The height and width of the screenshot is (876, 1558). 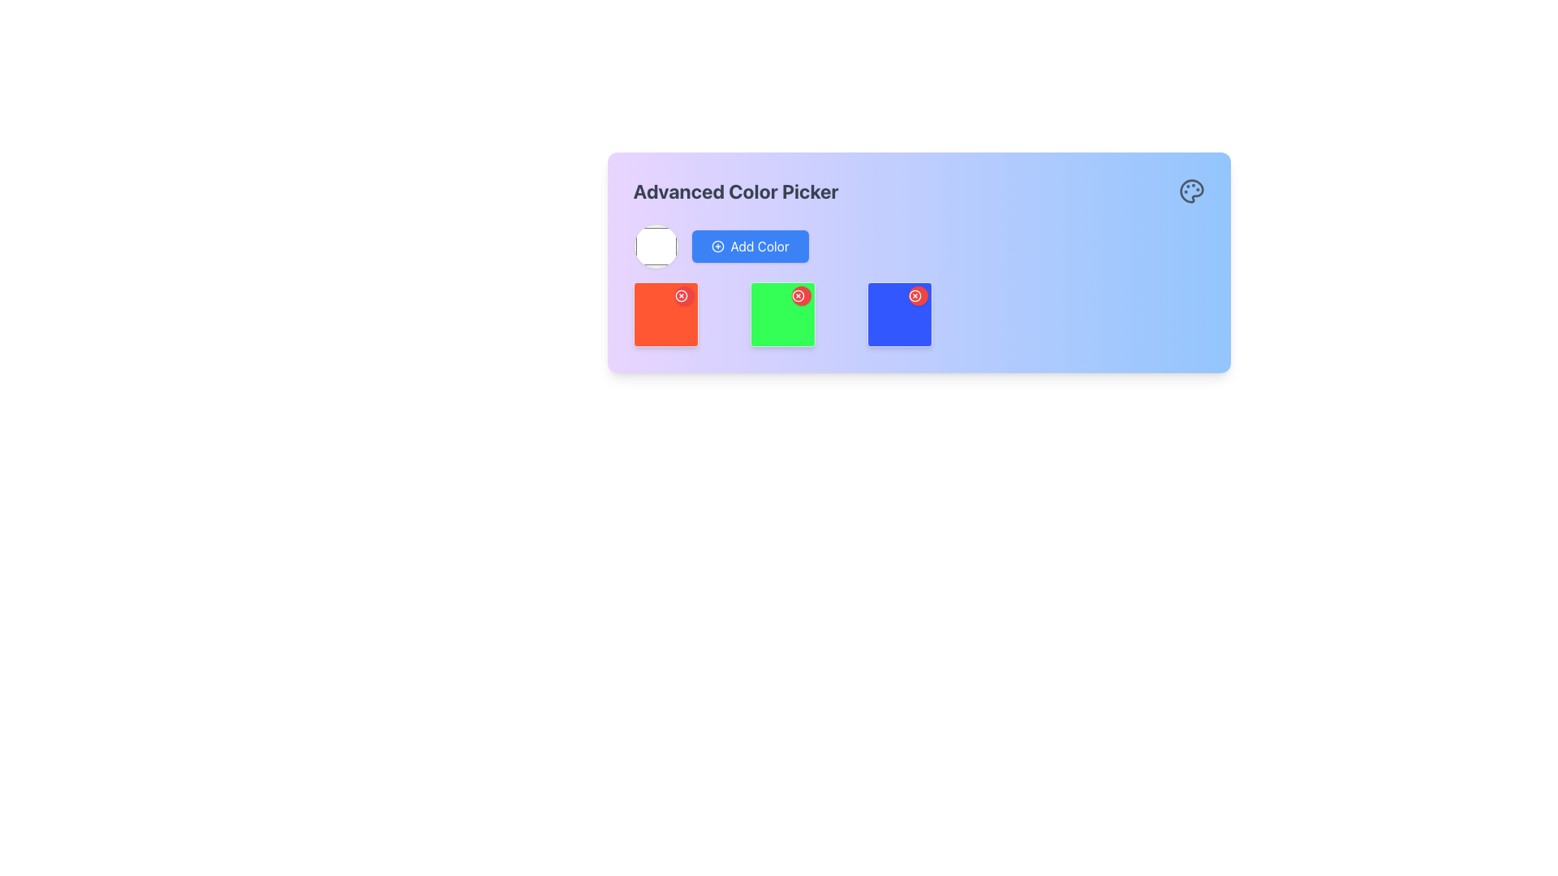 What do you see at coordinates (782, 315) in the screenshot?
I see `keyboard navigation` at bounding box center [782, 315].